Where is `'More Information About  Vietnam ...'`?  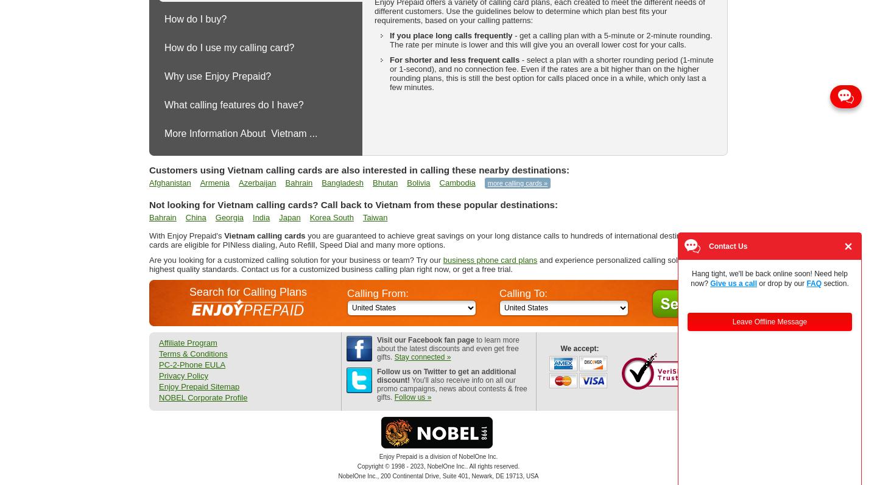
'More Information About  Vietnam ...' is located at coordinates (240, 133).